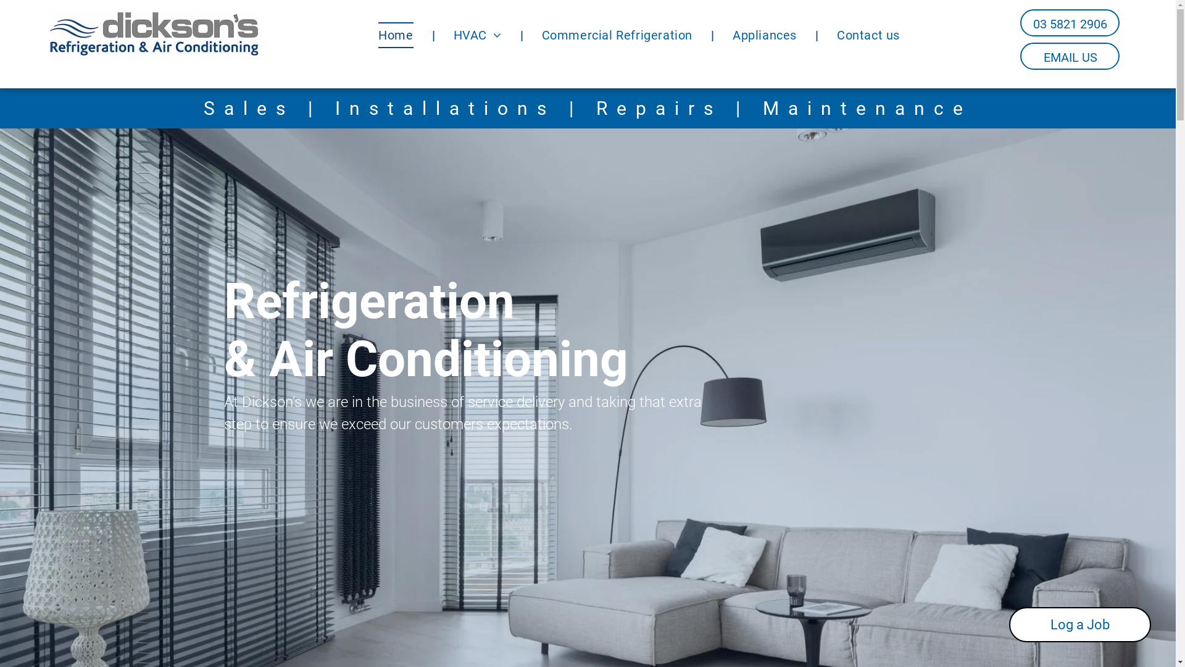 The height and width of the screenshot is (667, 1185). Describe the element at coordinates (867, 35) in the screenshot. I see `'Contact us'` at that location.